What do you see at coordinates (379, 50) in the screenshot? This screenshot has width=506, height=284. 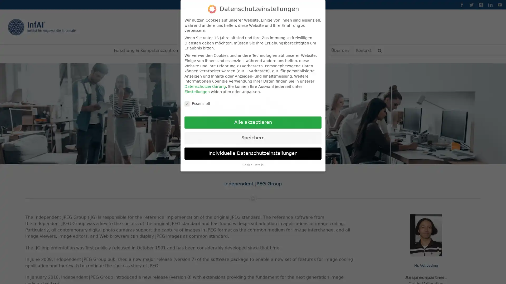 I see `Suche` at bounding box center [379, 50].